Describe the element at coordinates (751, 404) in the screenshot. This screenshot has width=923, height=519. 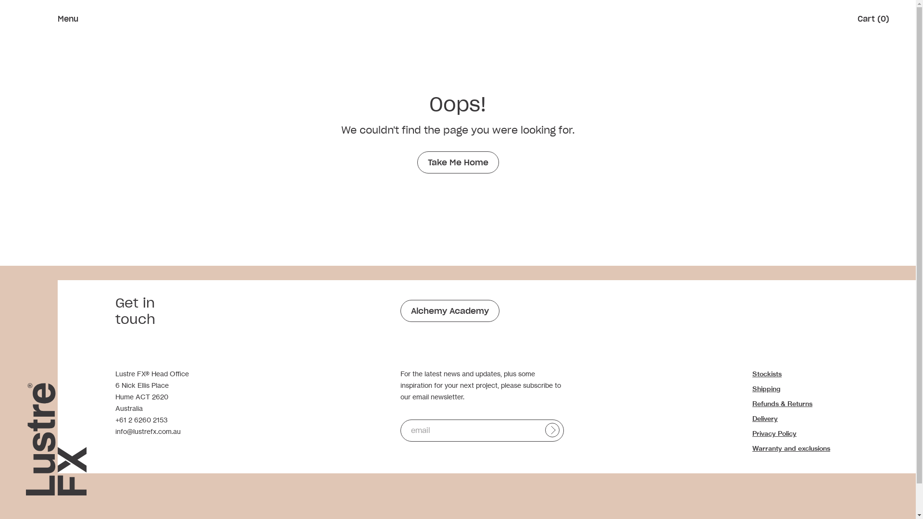
I see `'Refunds & Returns'` at that location.